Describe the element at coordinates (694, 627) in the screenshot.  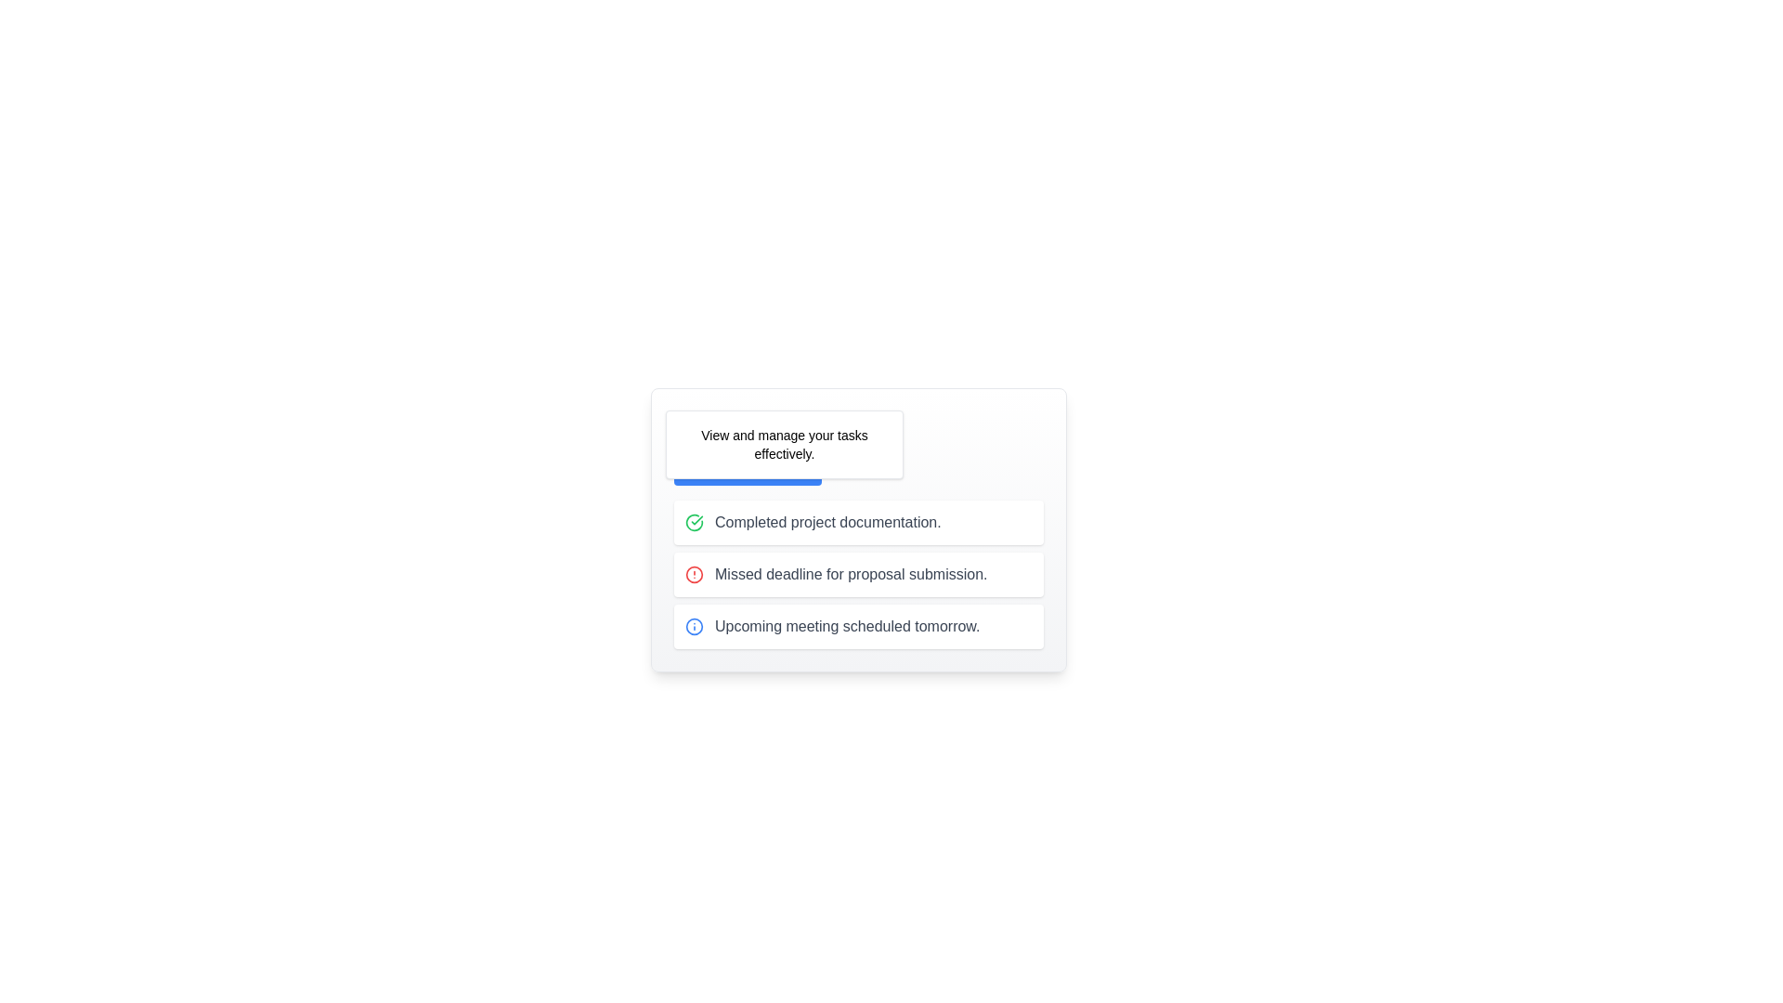
I see `the small circular icon with a blue border and a white inner circle containing a '!' symbol, located to the left of the text 'Upcoming meeting scheduled tomorrow.'` at that location.